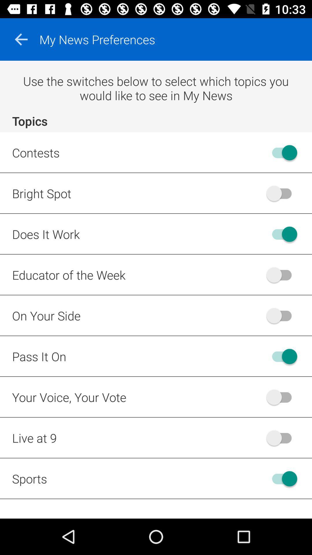 Image resolution: width=312 pixels, height=555 pixels. Describe the element at coordinates (281, 479) in the screenshot. I see `button for sports` at that location.